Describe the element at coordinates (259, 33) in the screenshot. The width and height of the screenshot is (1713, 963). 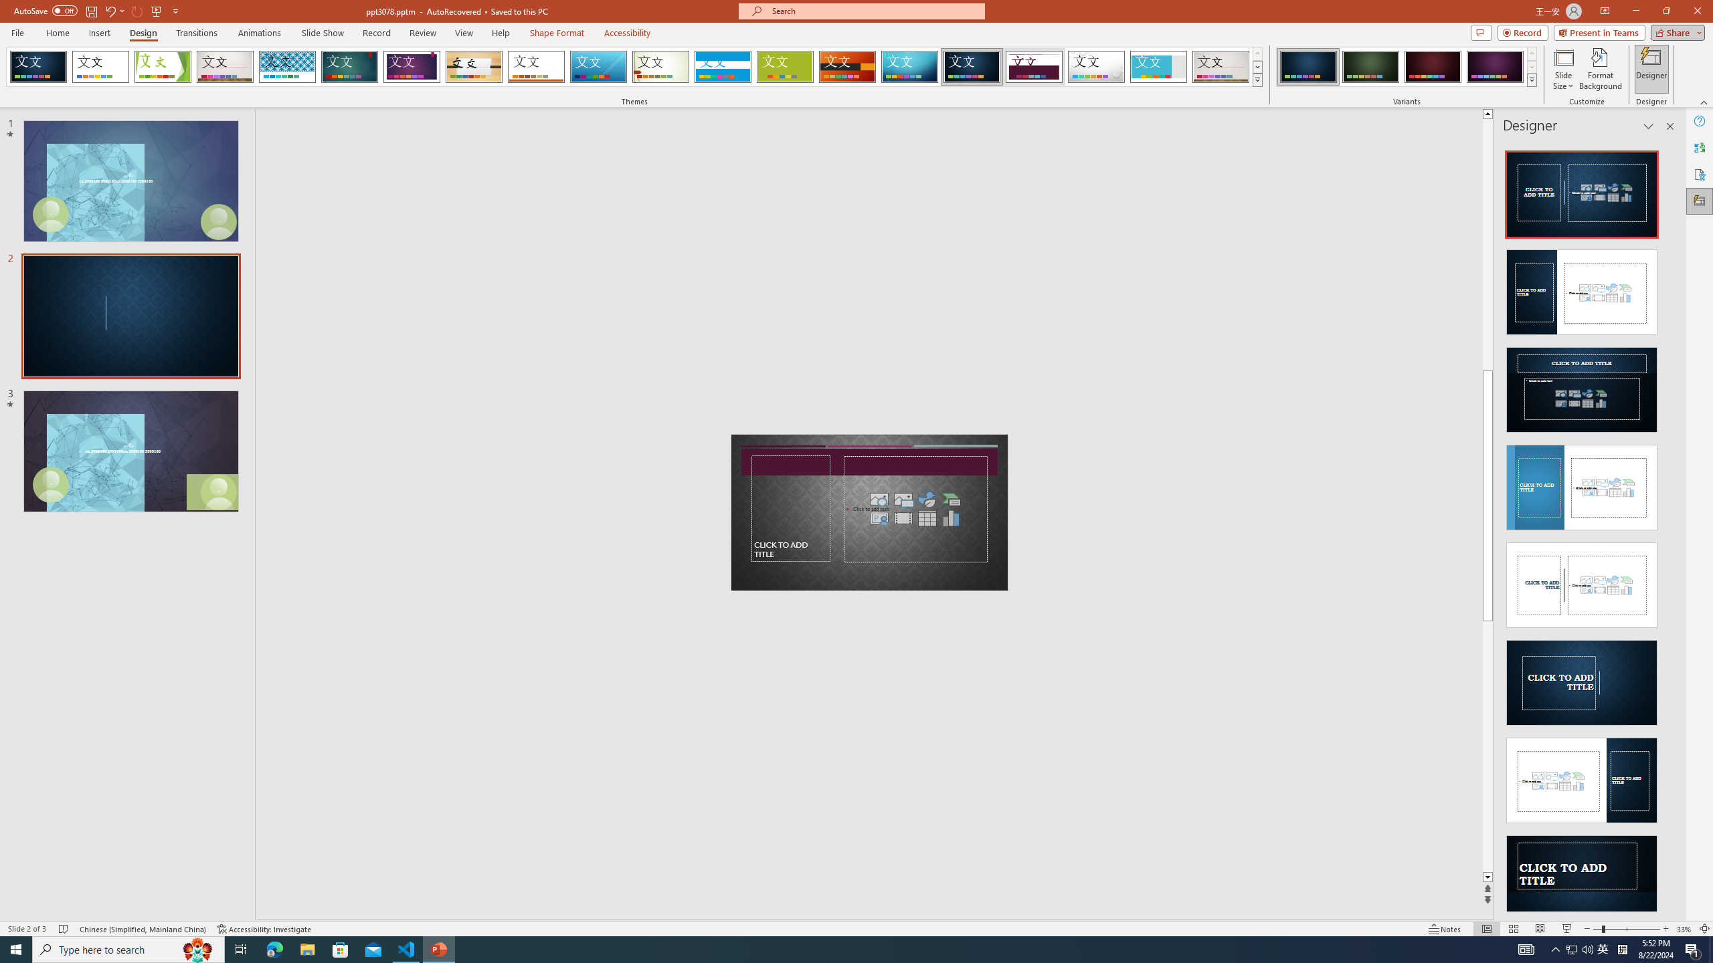
I see `'Animations'` at that location.